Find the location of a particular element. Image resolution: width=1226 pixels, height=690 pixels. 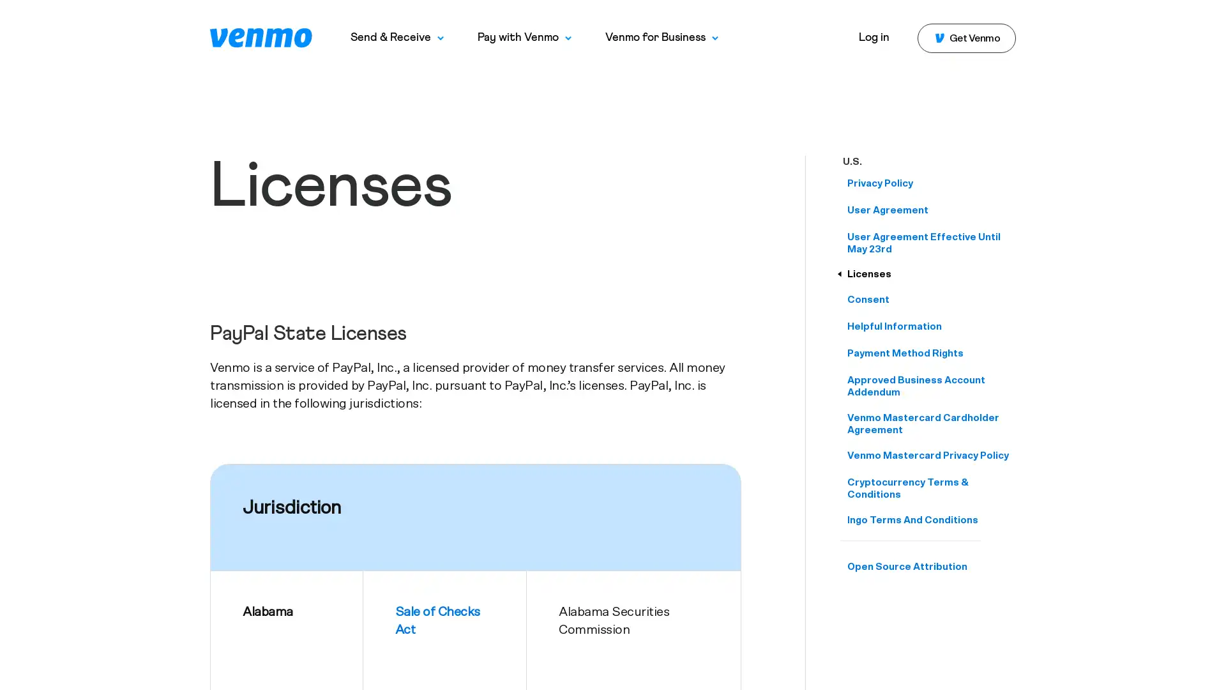

Send & Receive is located at coordinates (397, 37).